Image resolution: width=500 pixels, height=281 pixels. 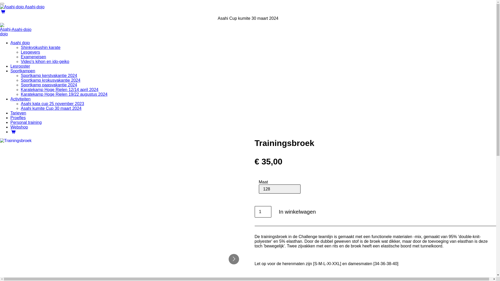 What do you see at coordinates (22, 71) in the screenshot?
I see `'Sportkampen'` at bounding box center [22, 71].